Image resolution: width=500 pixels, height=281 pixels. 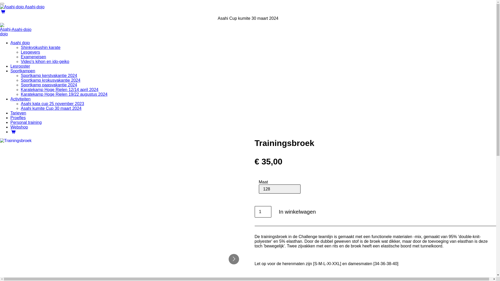 What do you see at coordinates (22, 71) in the screenshot?
I see `'Sportkampen'` at bounding box center [22, 71].